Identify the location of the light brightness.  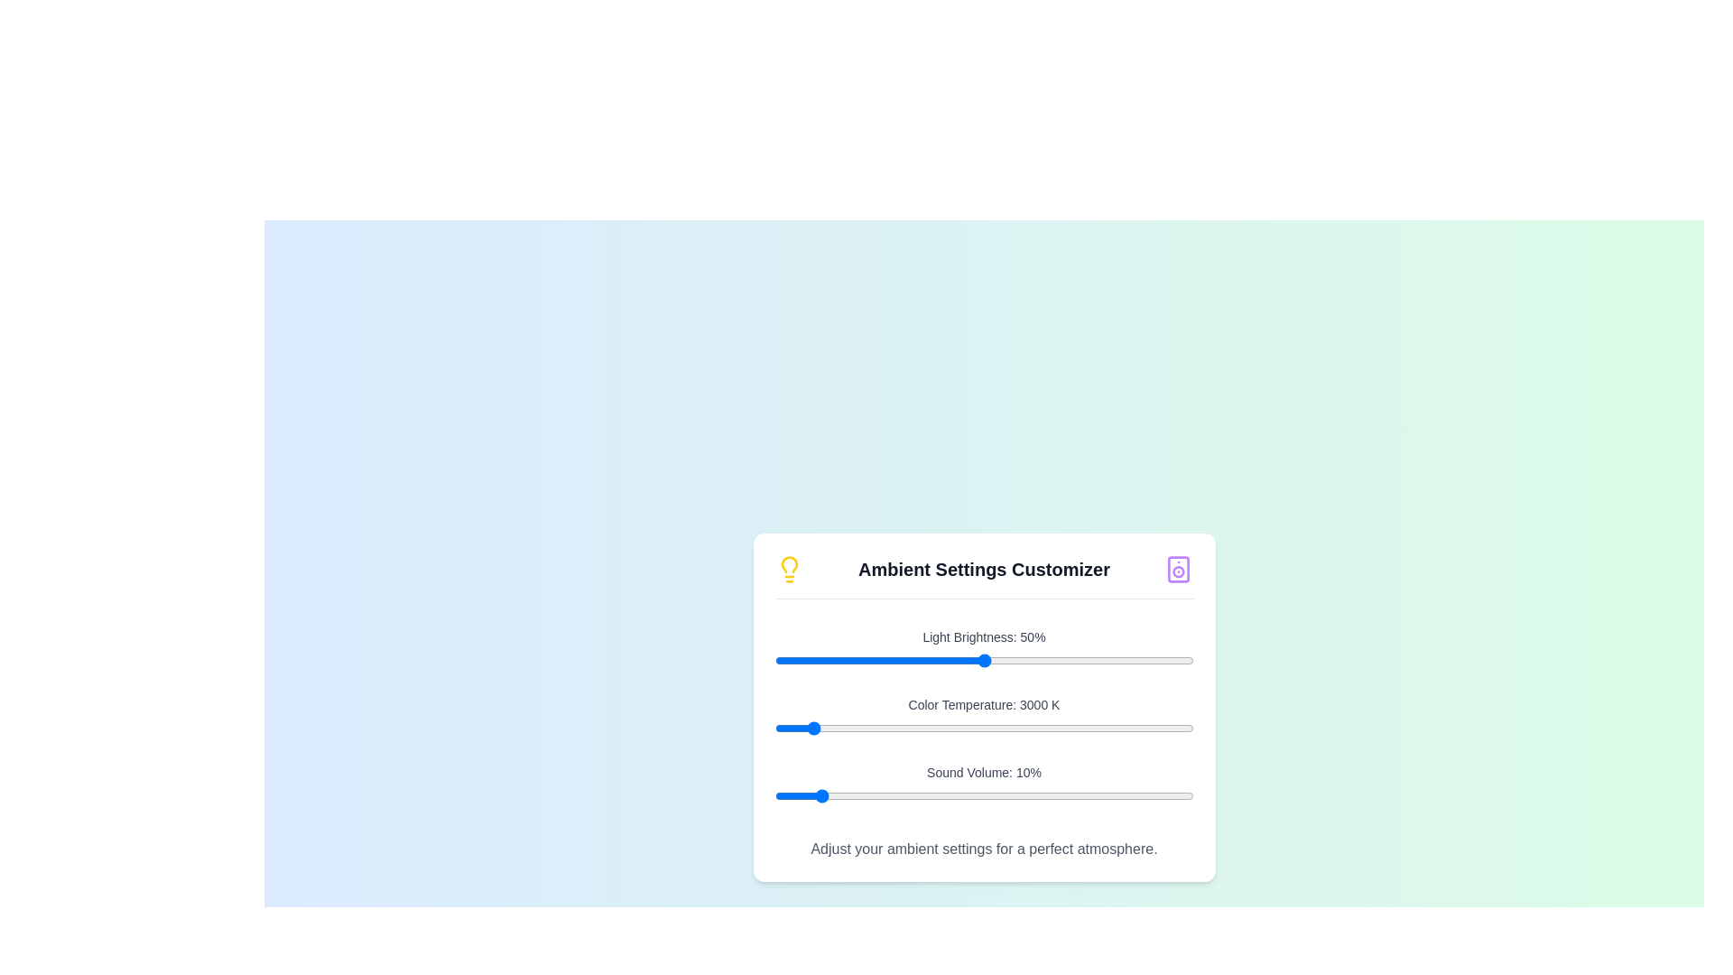
(1168, 661).